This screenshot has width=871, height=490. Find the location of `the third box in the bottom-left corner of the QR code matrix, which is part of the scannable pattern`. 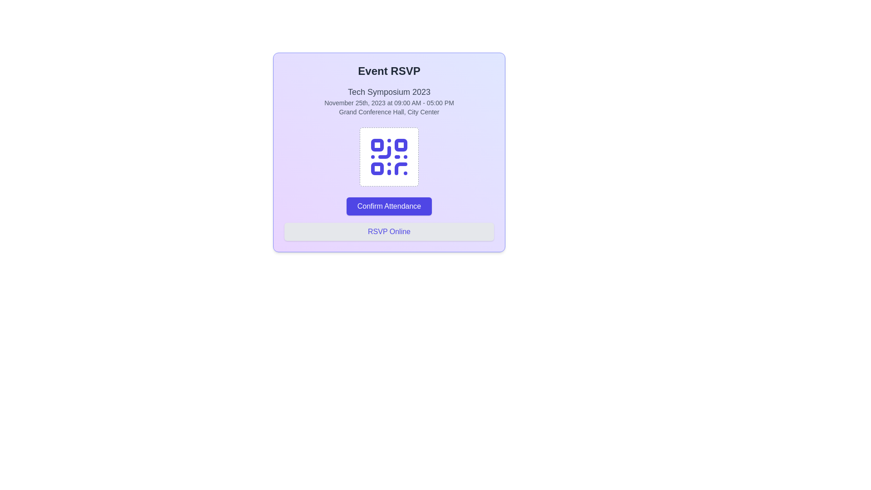

the third box in the bottom-left corner of the QR code matrix, which is part of the scannable pattern is located at coordinates (377, 168).